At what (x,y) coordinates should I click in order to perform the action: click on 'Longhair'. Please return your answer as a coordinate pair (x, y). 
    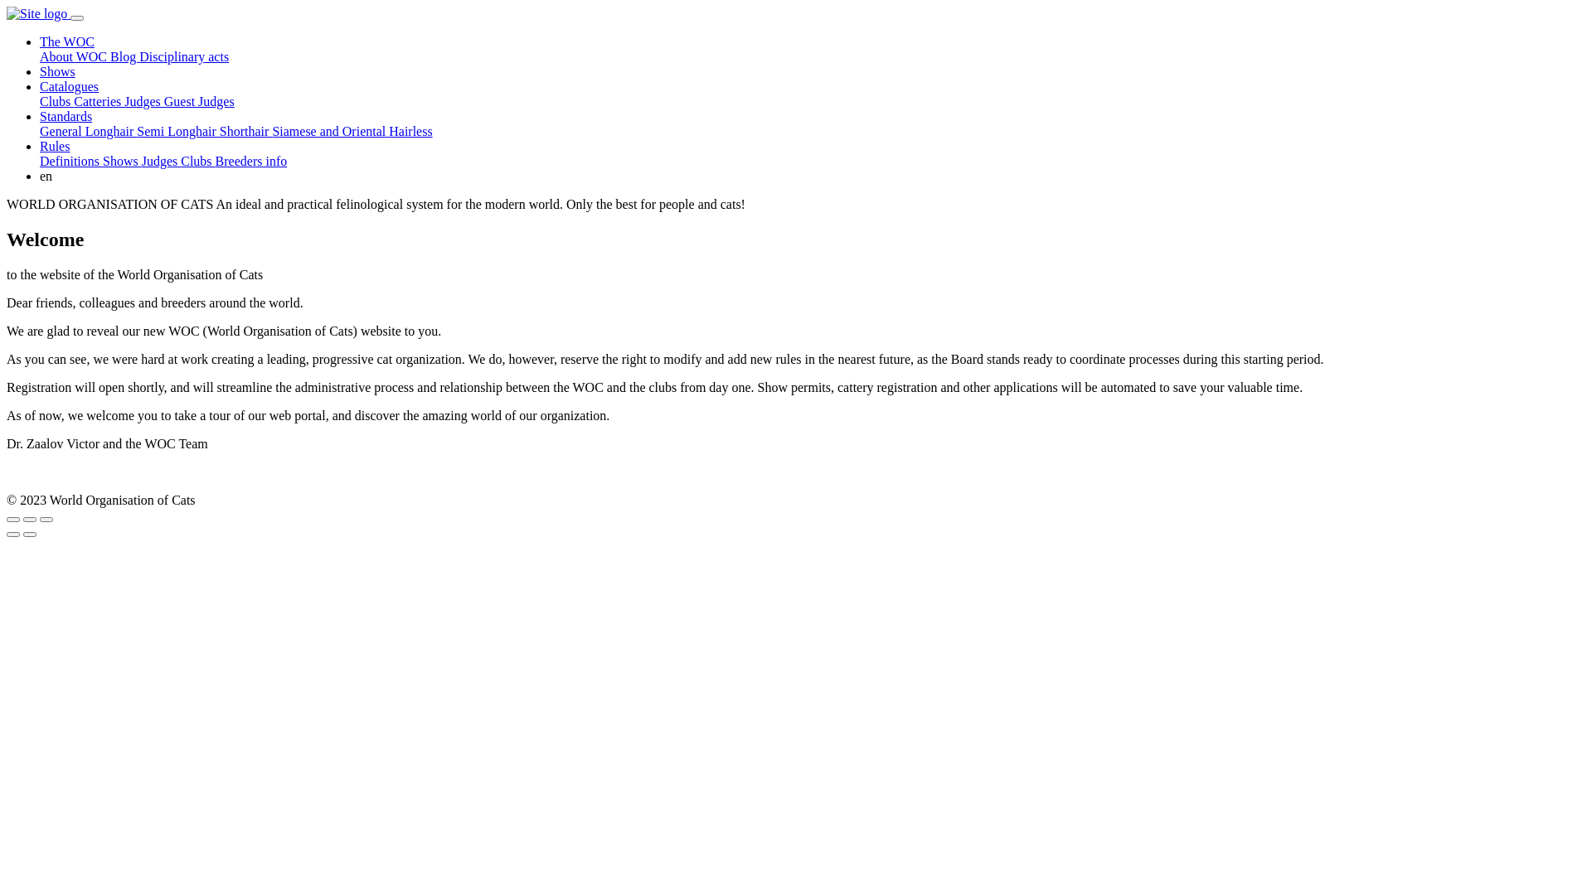
    Looking at the image, I should click on (110, 130).